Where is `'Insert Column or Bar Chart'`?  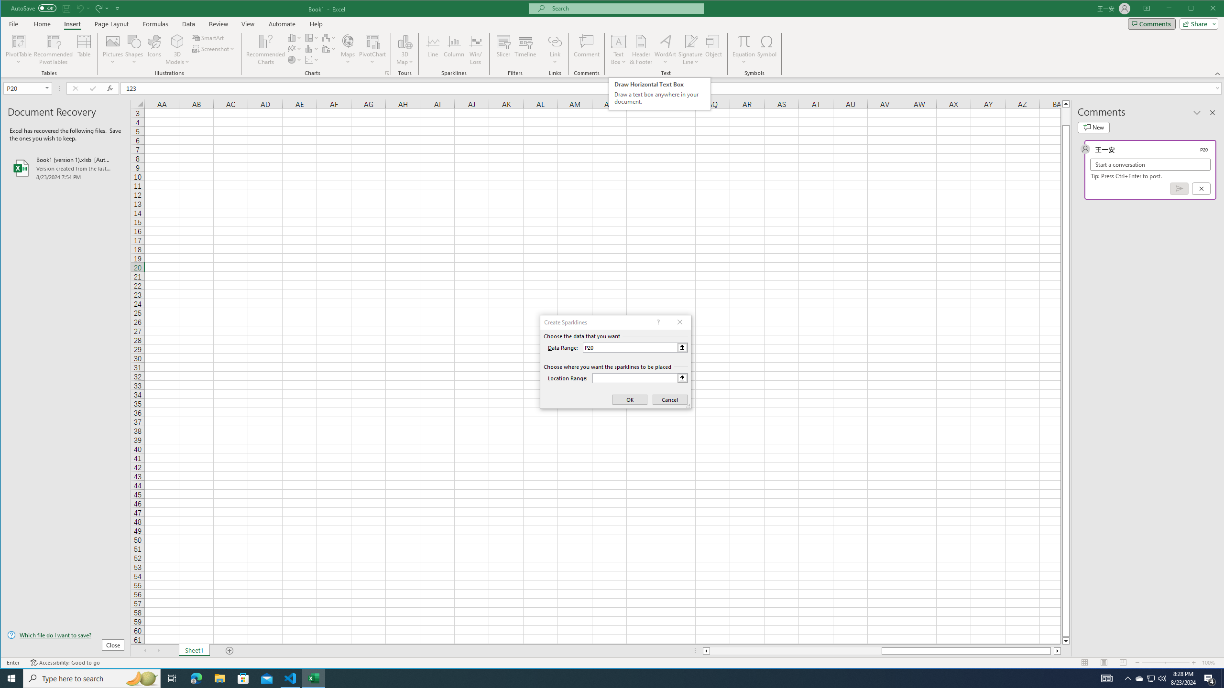 'Insert Column or Bar Chart' is located at coordinates (294, 37).